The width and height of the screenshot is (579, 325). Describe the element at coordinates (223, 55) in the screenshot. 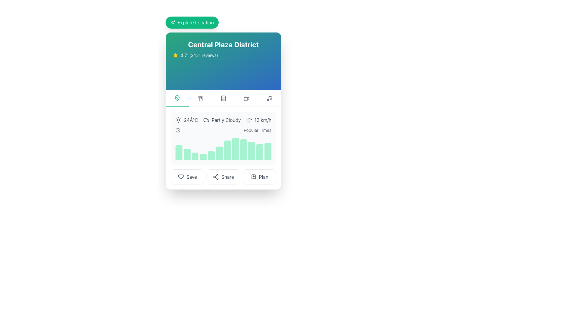

I see `the Rating display element indicating the score and number of reviews for 'Central Plaza District', located directly below the heading in the top section of the card component` at that location.